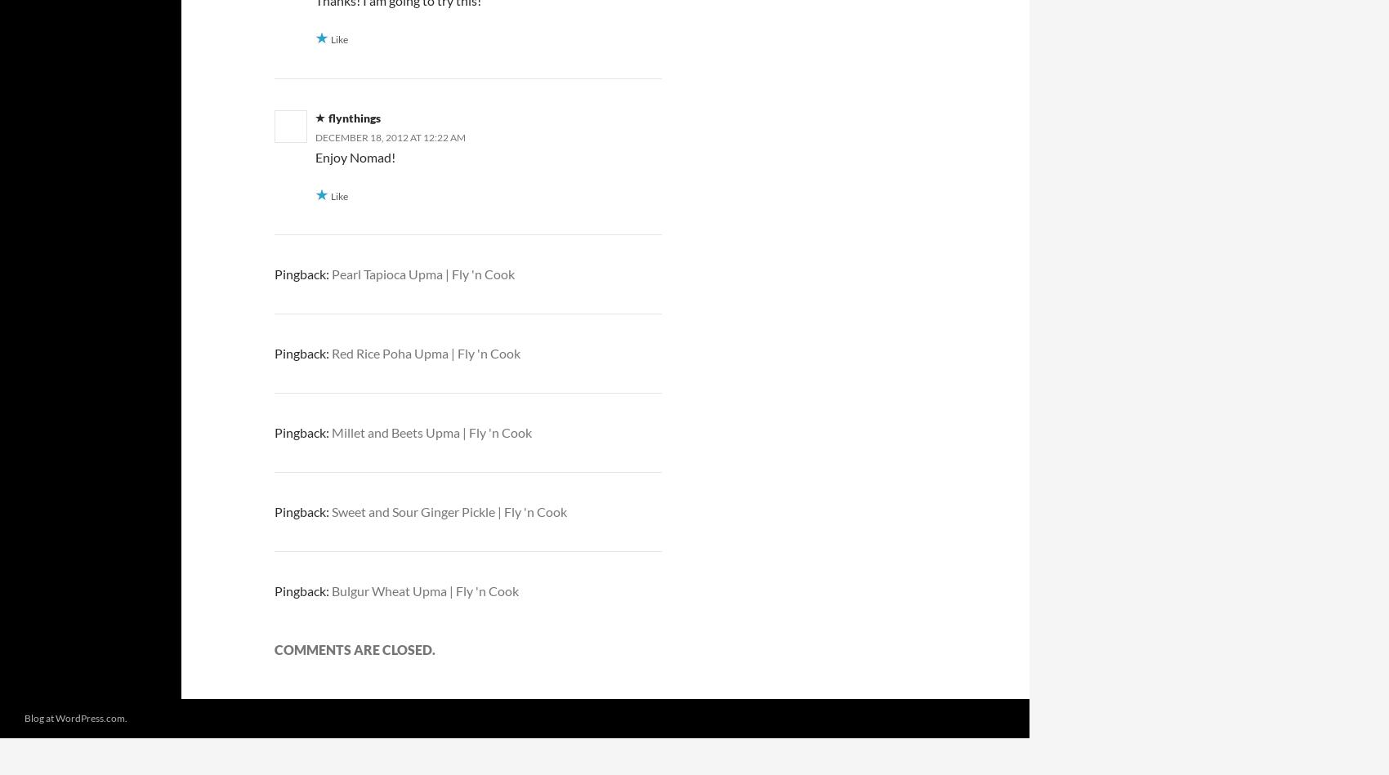 The image size is (1389, 775). What do you see at coordinates (355, 155) in the screenshot?
I see `'Enjoy Nomad!'` at bounding box center [355, 155].